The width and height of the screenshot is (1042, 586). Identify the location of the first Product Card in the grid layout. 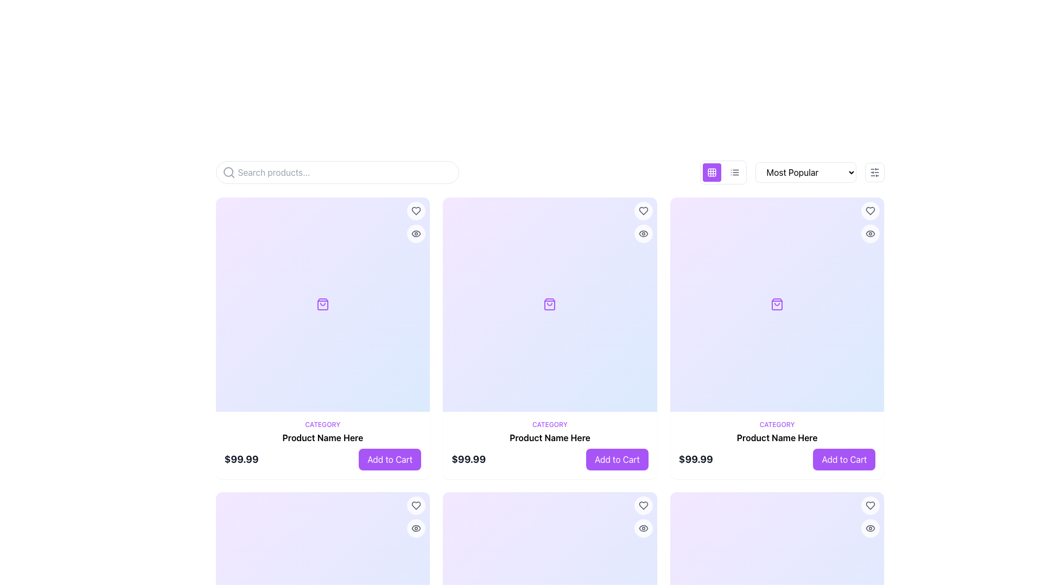
(322, 337).